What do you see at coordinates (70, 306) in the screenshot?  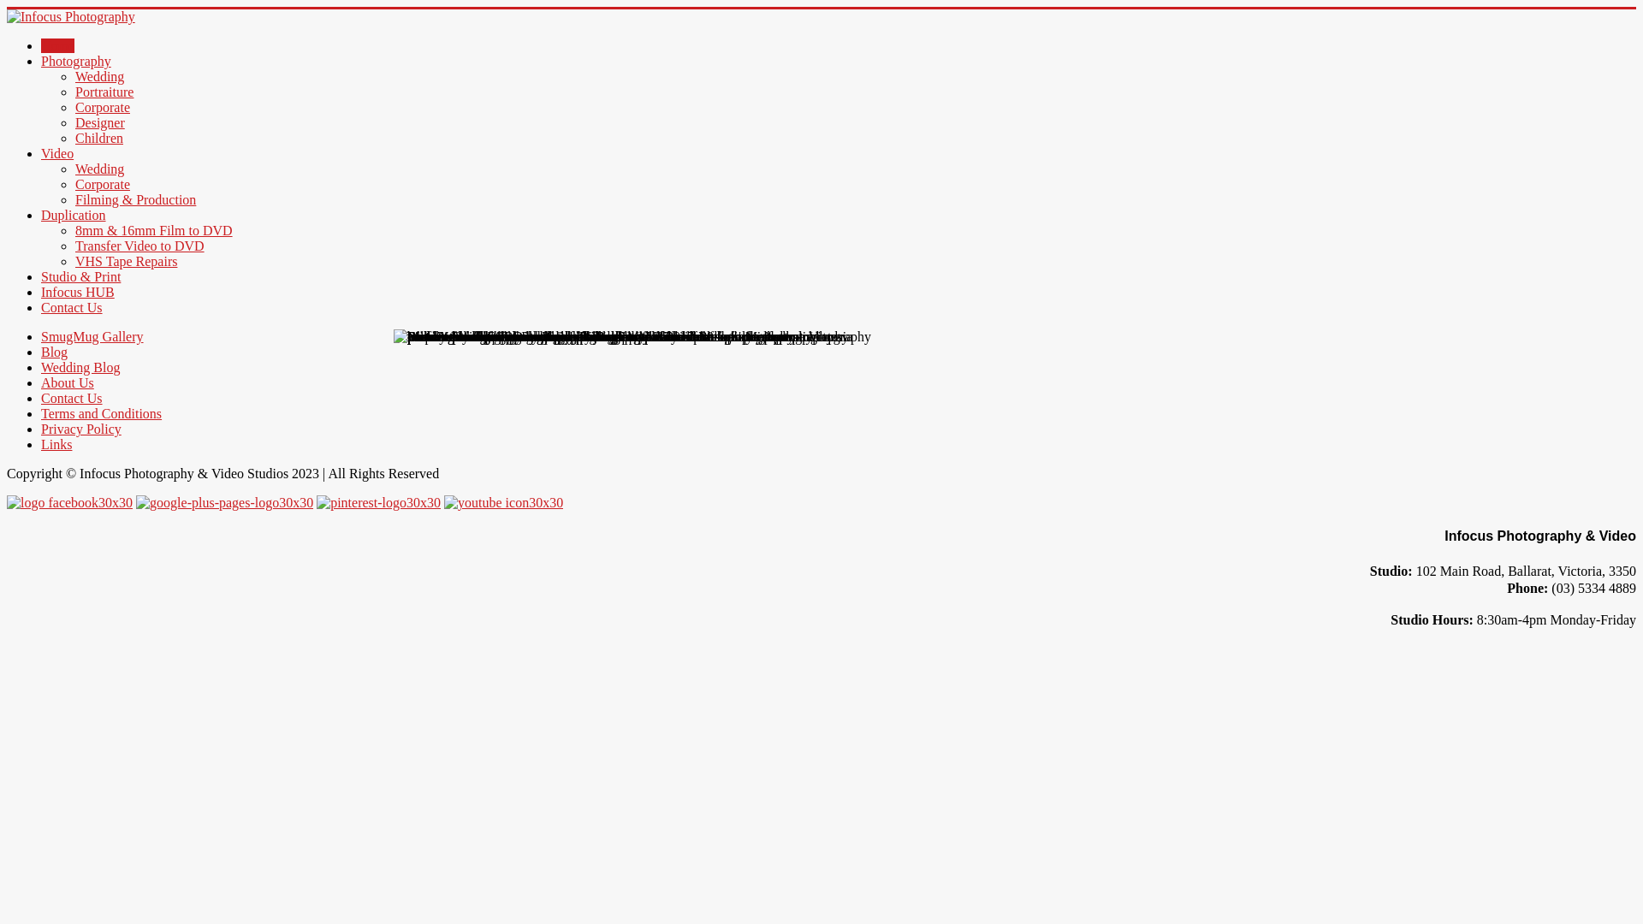 I see `'Contact Us'` at bounding box center [70, 306].